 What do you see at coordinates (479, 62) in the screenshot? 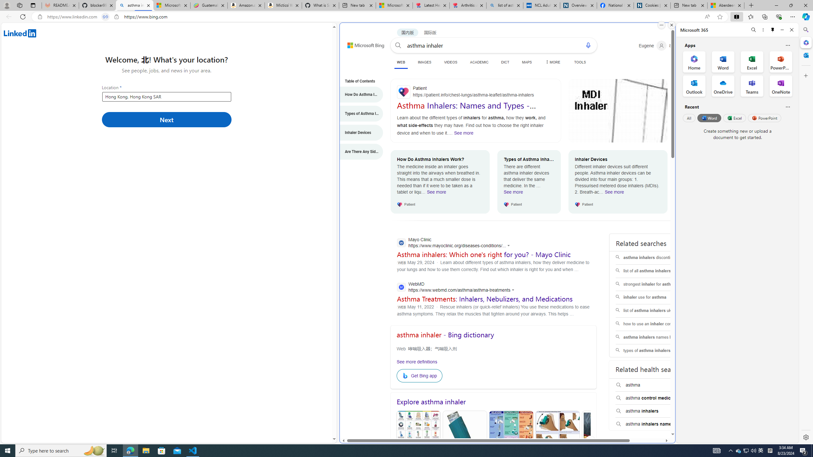
I see `'ACADEMIC'` at bounding box center [479, 62].